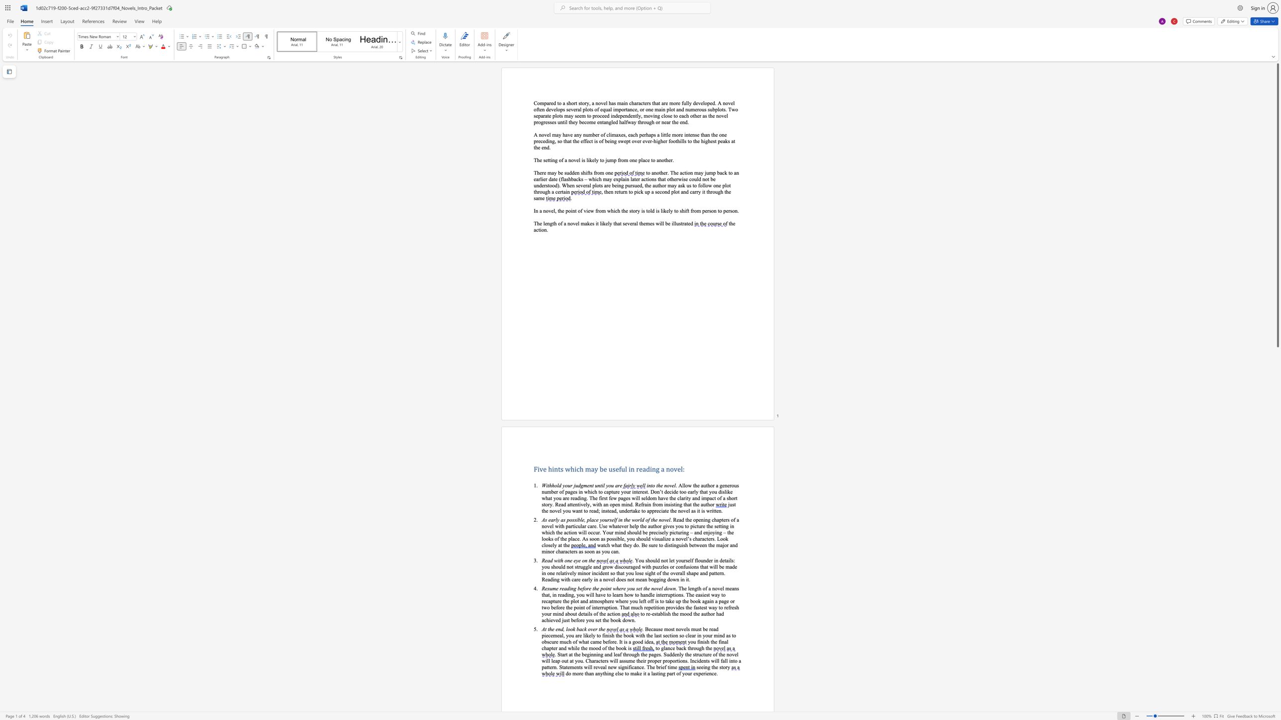  What do you see at coordinates (666, 485) in the screenshot?
I see `the space between the continuous character "n" and "o" in the text` at bounding box center [666, 485].